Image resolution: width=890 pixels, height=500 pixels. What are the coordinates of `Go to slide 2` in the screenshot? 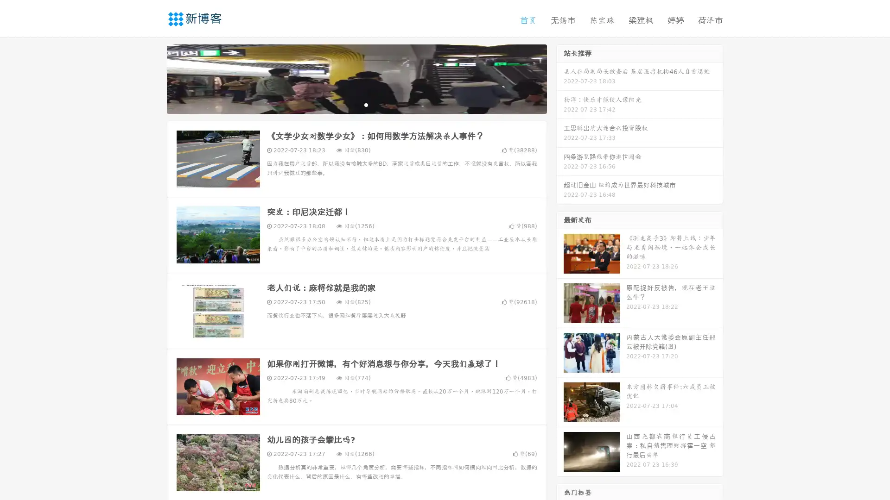 It's located at (356, 104).